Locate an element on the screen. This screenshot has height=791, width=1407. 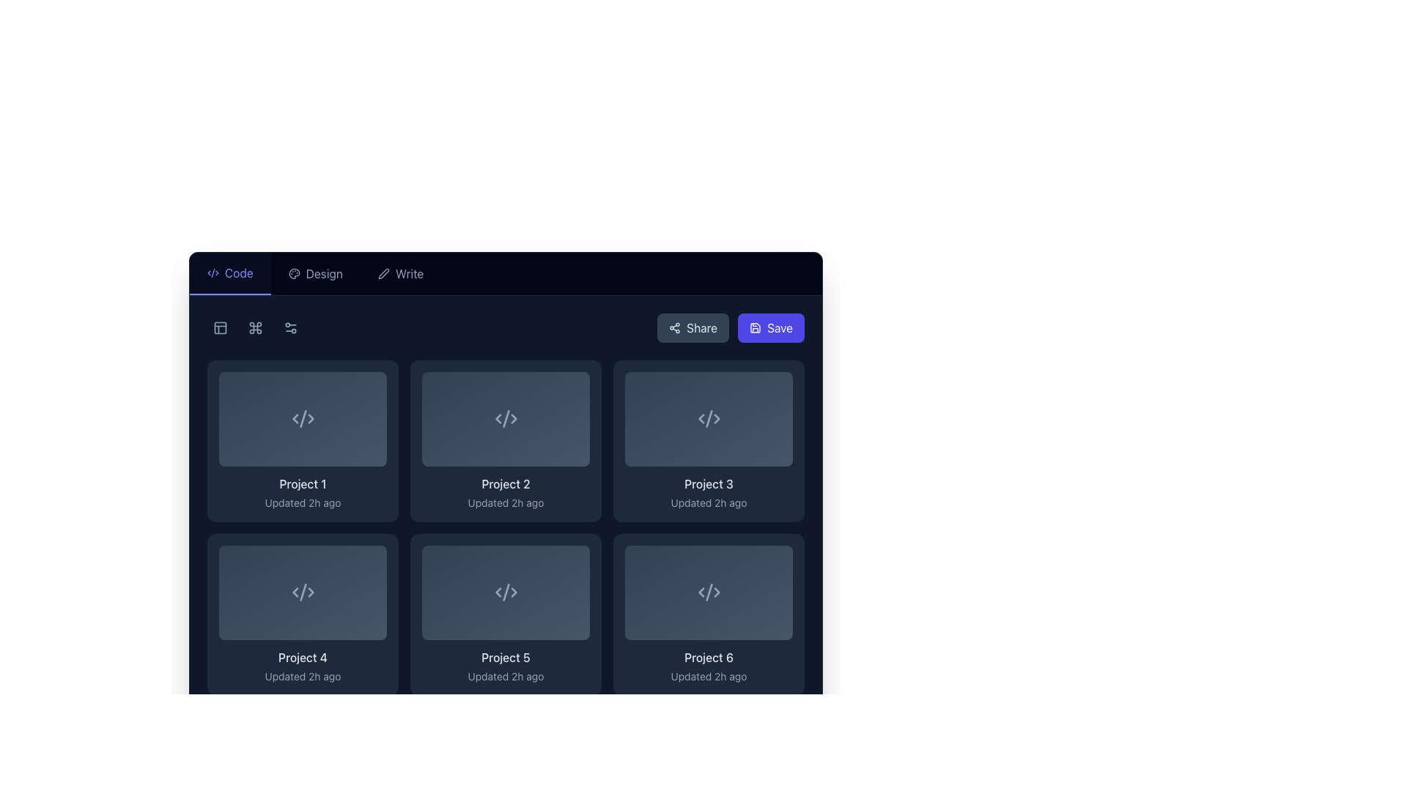
the SVG arrow icon located in the upper-middle part of the card labeled 'Project 2' is located at coordinates (514, 419).